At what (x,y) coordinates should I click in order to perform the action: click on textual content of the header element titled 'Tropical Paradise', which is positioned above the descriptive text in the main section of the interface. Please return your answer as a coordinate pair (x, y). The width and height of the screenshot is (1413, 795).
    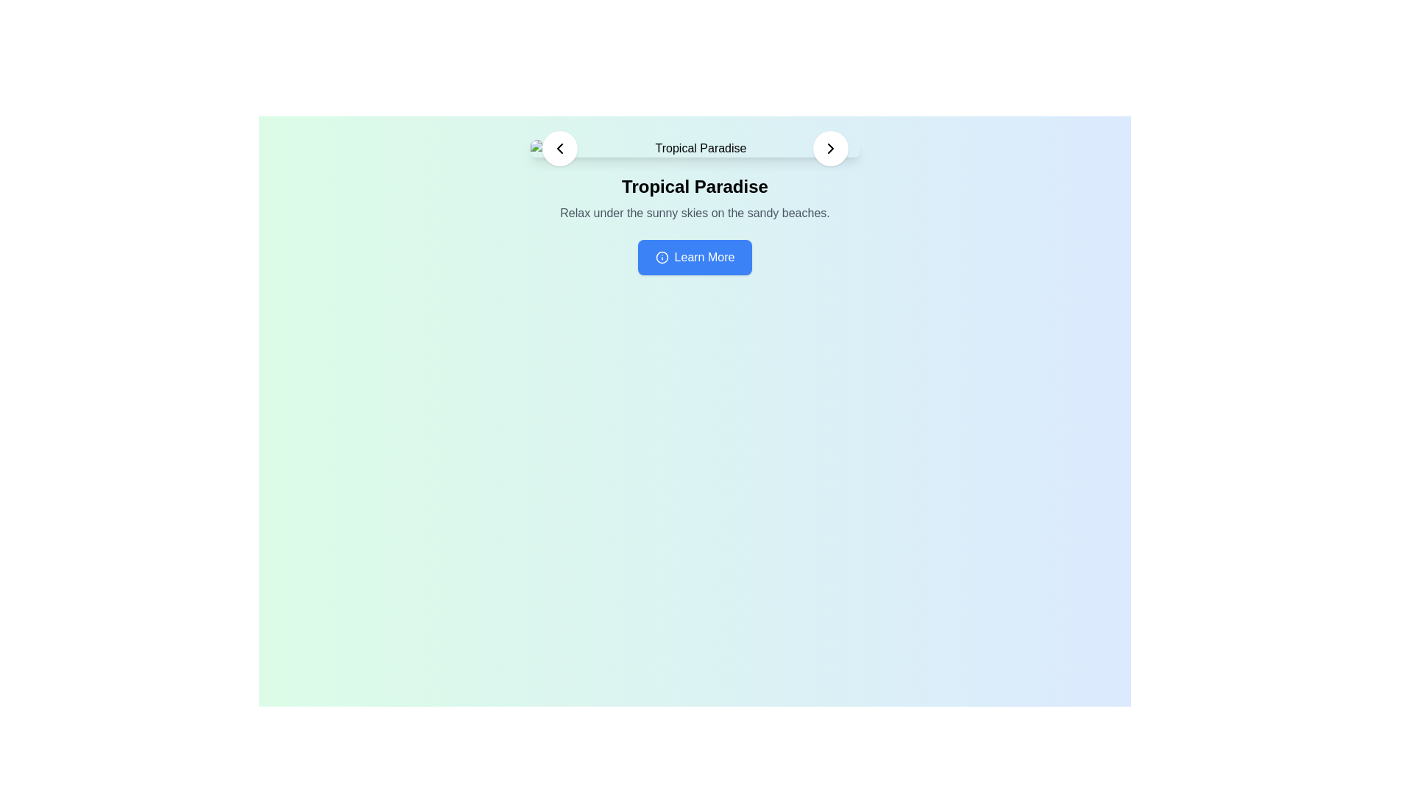
    Looking at the image, I should click on (694, 186).